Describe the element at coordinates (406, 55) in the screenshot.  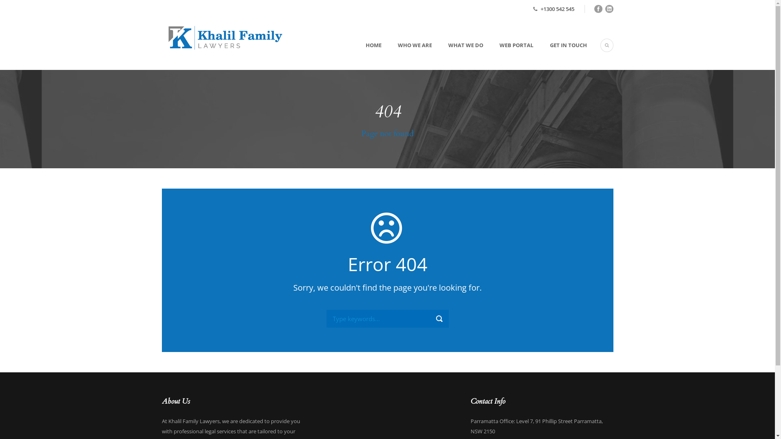
I see `'WHO WE ARE'` at that location.